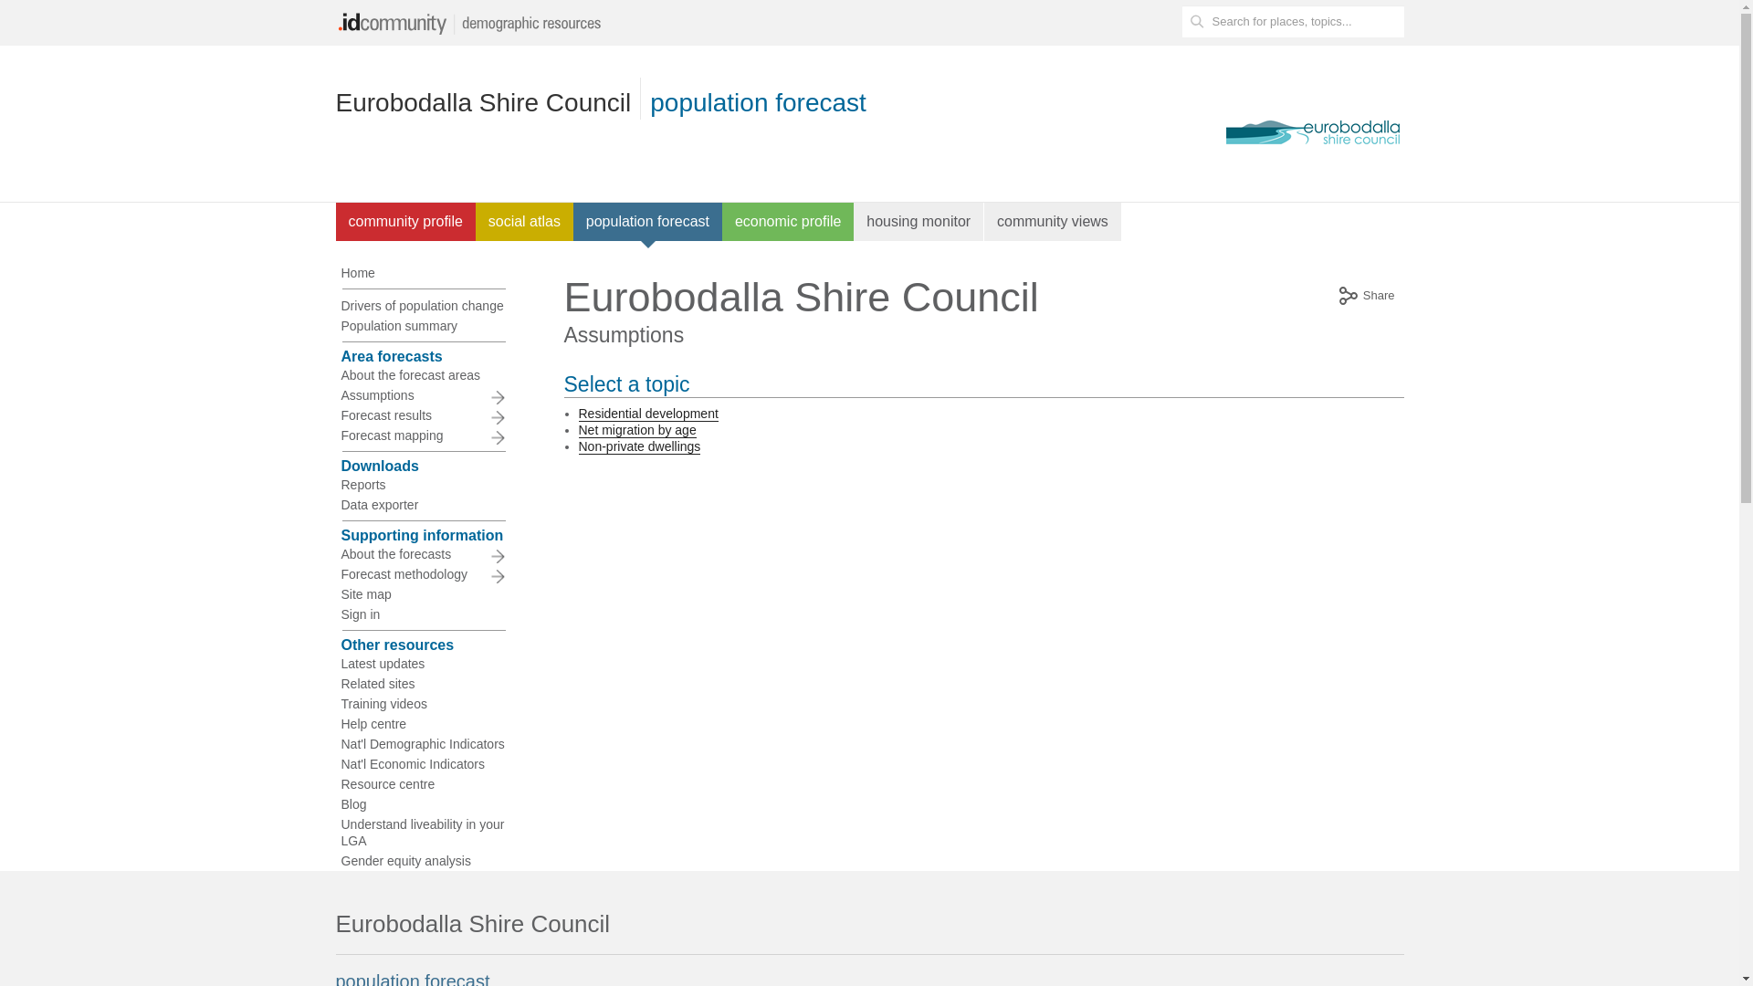 Image resolution: width=1753 pixels, height=986 pixels. Describe the element at coordinates (421, 504) in the screenshot. I see `'Data exporter'` at that location.